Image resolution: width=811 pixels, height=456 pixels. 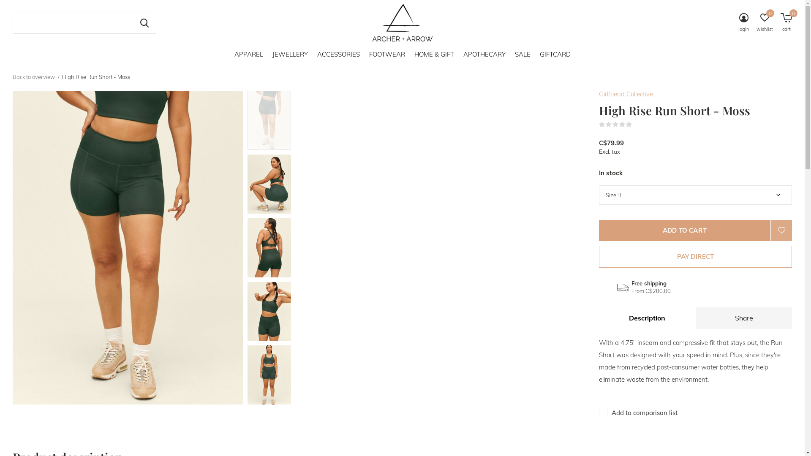 I want to click on 'JEWELLERY', so click(x=290, y=54).